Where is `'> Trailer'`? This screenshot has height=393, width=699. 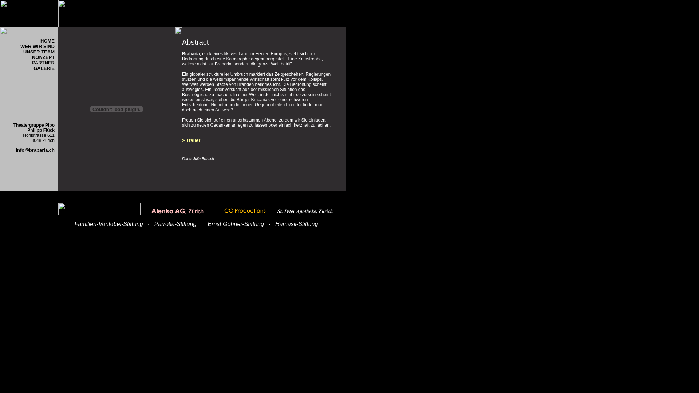 '> Trailer' is located at coordinates (182, 143).